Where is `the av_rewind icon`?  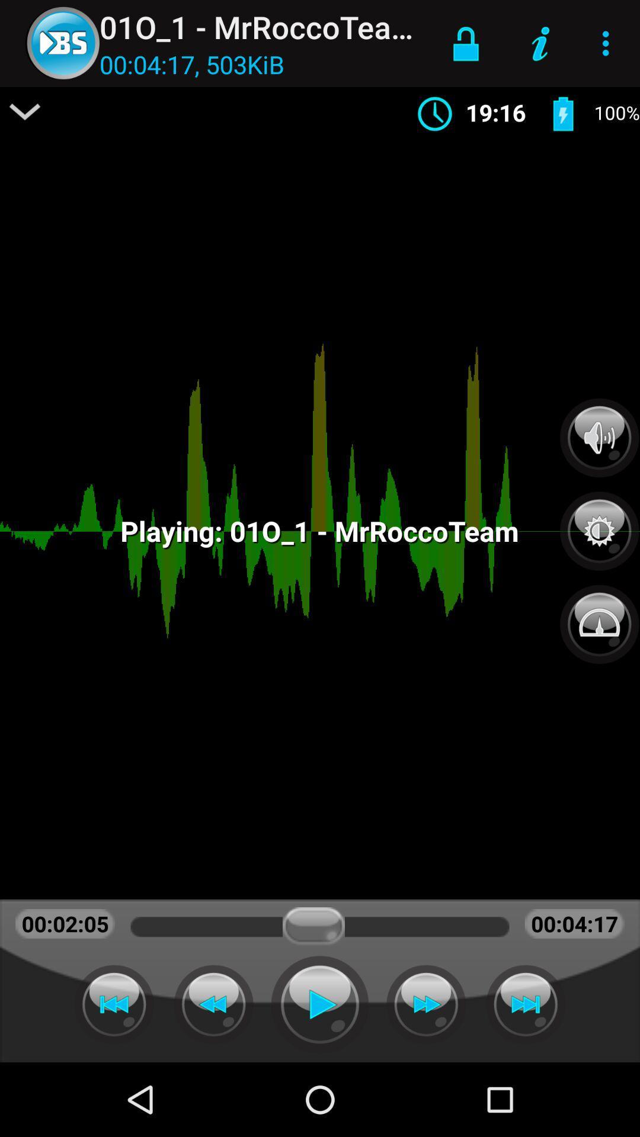
the av_rewind icon is located at coordinates (114, 1004).